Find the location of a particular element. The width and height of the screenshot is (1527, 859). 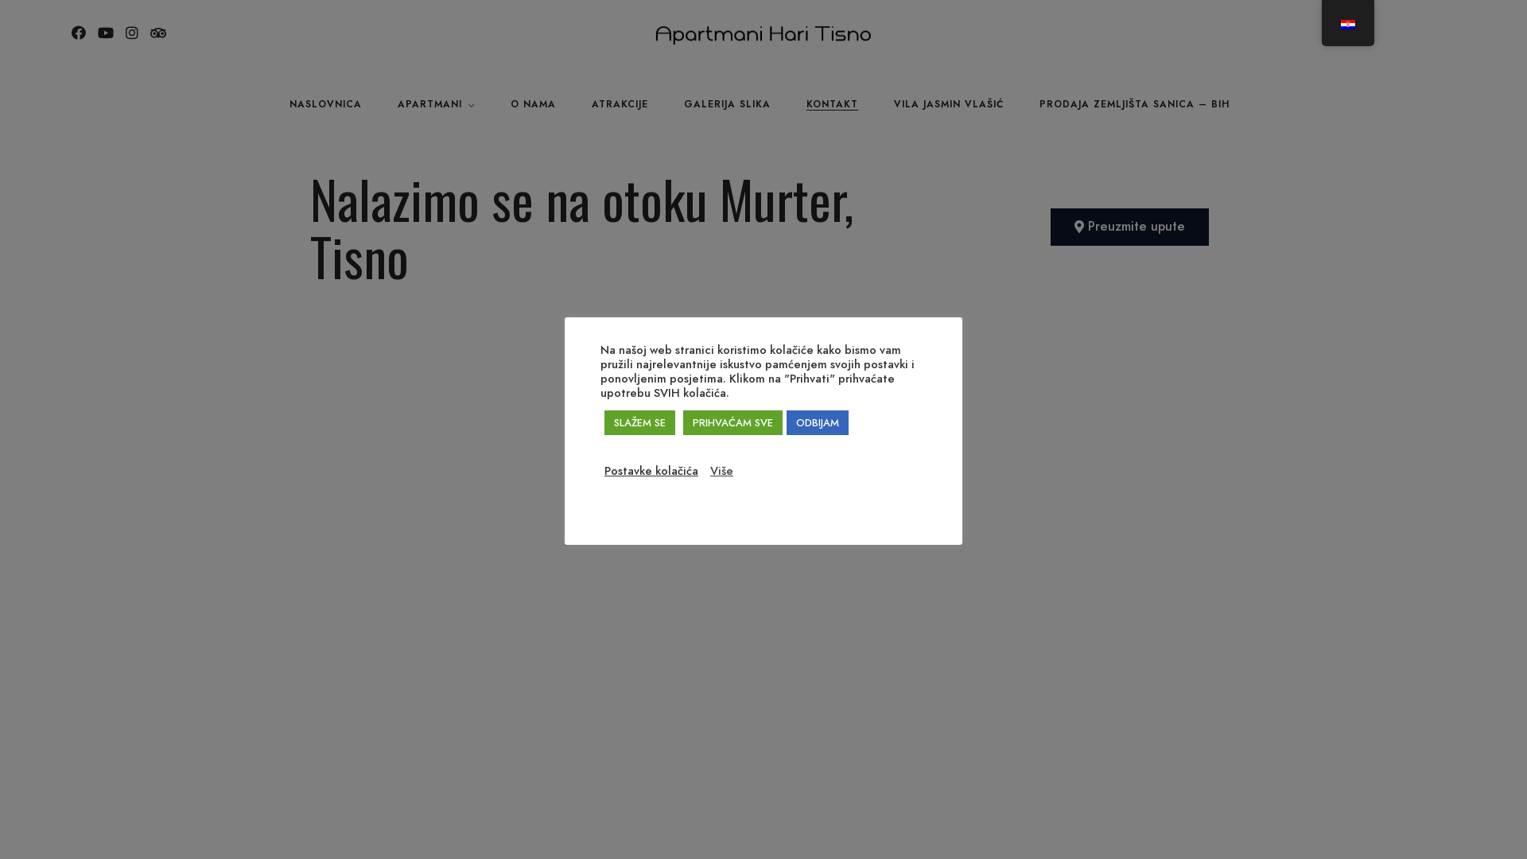

'ATRAKCIJE' is located at coordinates (619, 104).